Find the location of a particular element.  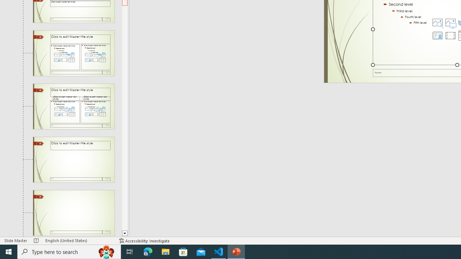

'Slide Blank Layout: used by no slides' is located at coordinates (73, 213).